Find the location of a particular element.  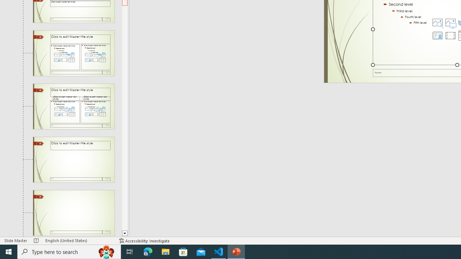

'Slide Blank Layout: used by no slides' is located at coordinates (73, 213).